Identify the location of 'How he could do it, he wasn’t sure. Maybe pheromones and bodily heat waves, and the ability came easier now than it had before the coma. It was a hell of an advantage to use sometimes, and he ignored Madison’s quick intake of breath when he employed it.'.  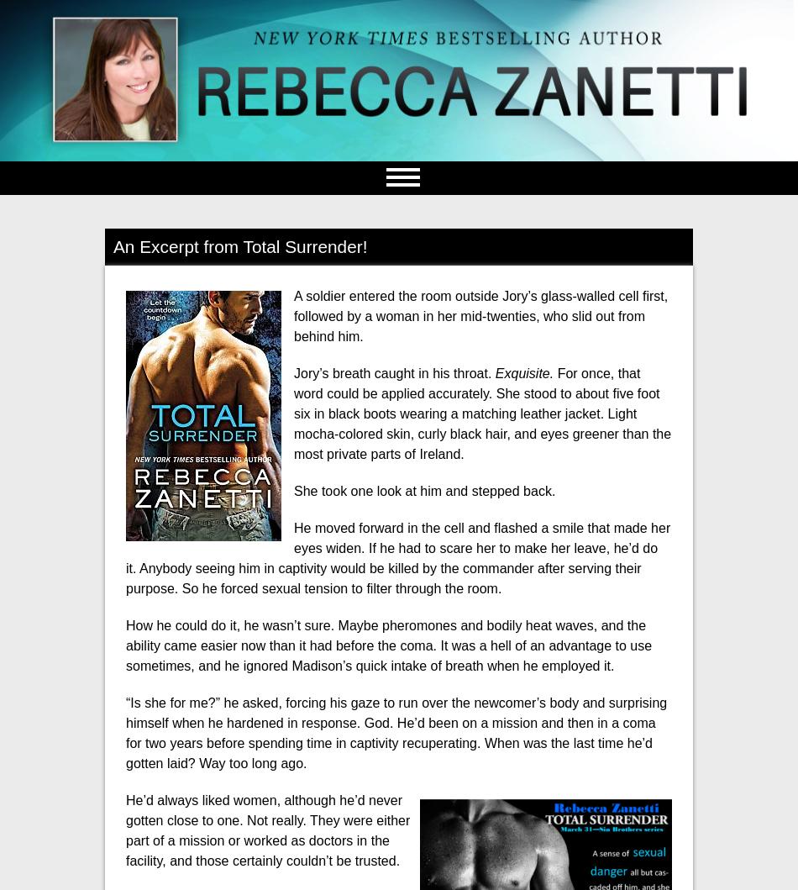
(388, 644).